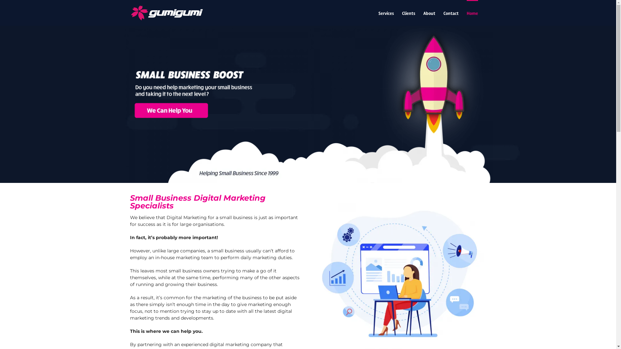 This screenshot has width=621, height=349. I want to click on 'Contact', so click(450, 13).